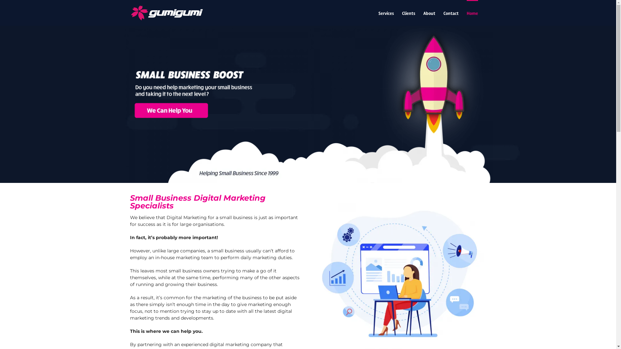 This screenshot has width=621, height=349. I want to click on 'Contact', so click(450, 13).